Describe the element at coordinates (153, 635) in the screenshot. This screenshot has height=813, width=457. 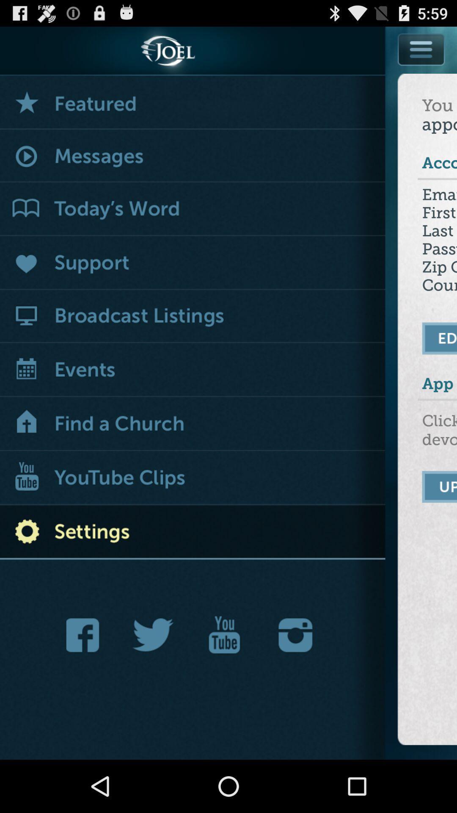
I see `the twitter website image option` at that location.